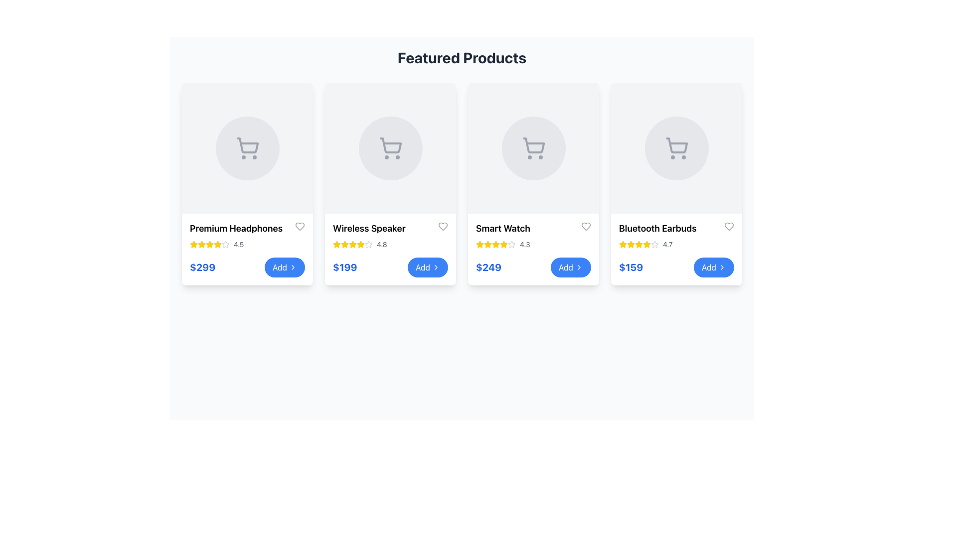  What do you see at coordinates (495, 244) in the screenshot?
I see `the fifth yellow star icon in the rating bar of the 'Smart Watch' section, which has a 4.3 rating` at bounding box center [495, 244].